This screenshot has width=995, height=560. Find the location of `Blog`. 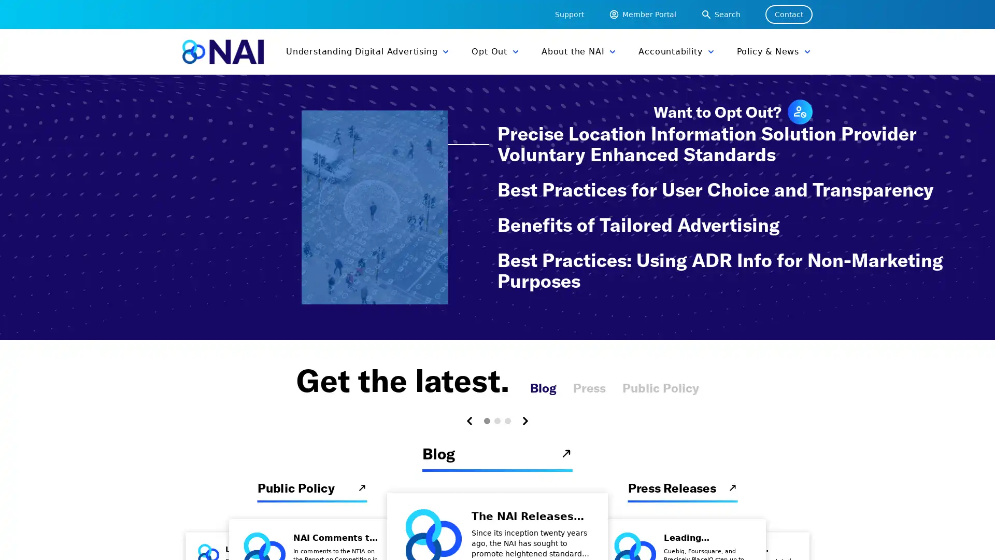

Blog is located at coordinates (542, 388).